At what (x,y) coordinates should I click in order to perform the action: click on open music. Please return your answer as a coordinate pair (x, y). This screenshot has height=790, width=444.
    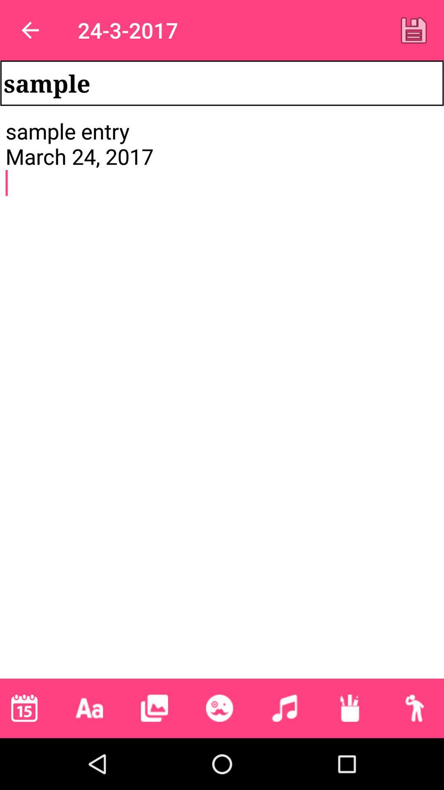
    Looking at the image, I should click on (284, 708).